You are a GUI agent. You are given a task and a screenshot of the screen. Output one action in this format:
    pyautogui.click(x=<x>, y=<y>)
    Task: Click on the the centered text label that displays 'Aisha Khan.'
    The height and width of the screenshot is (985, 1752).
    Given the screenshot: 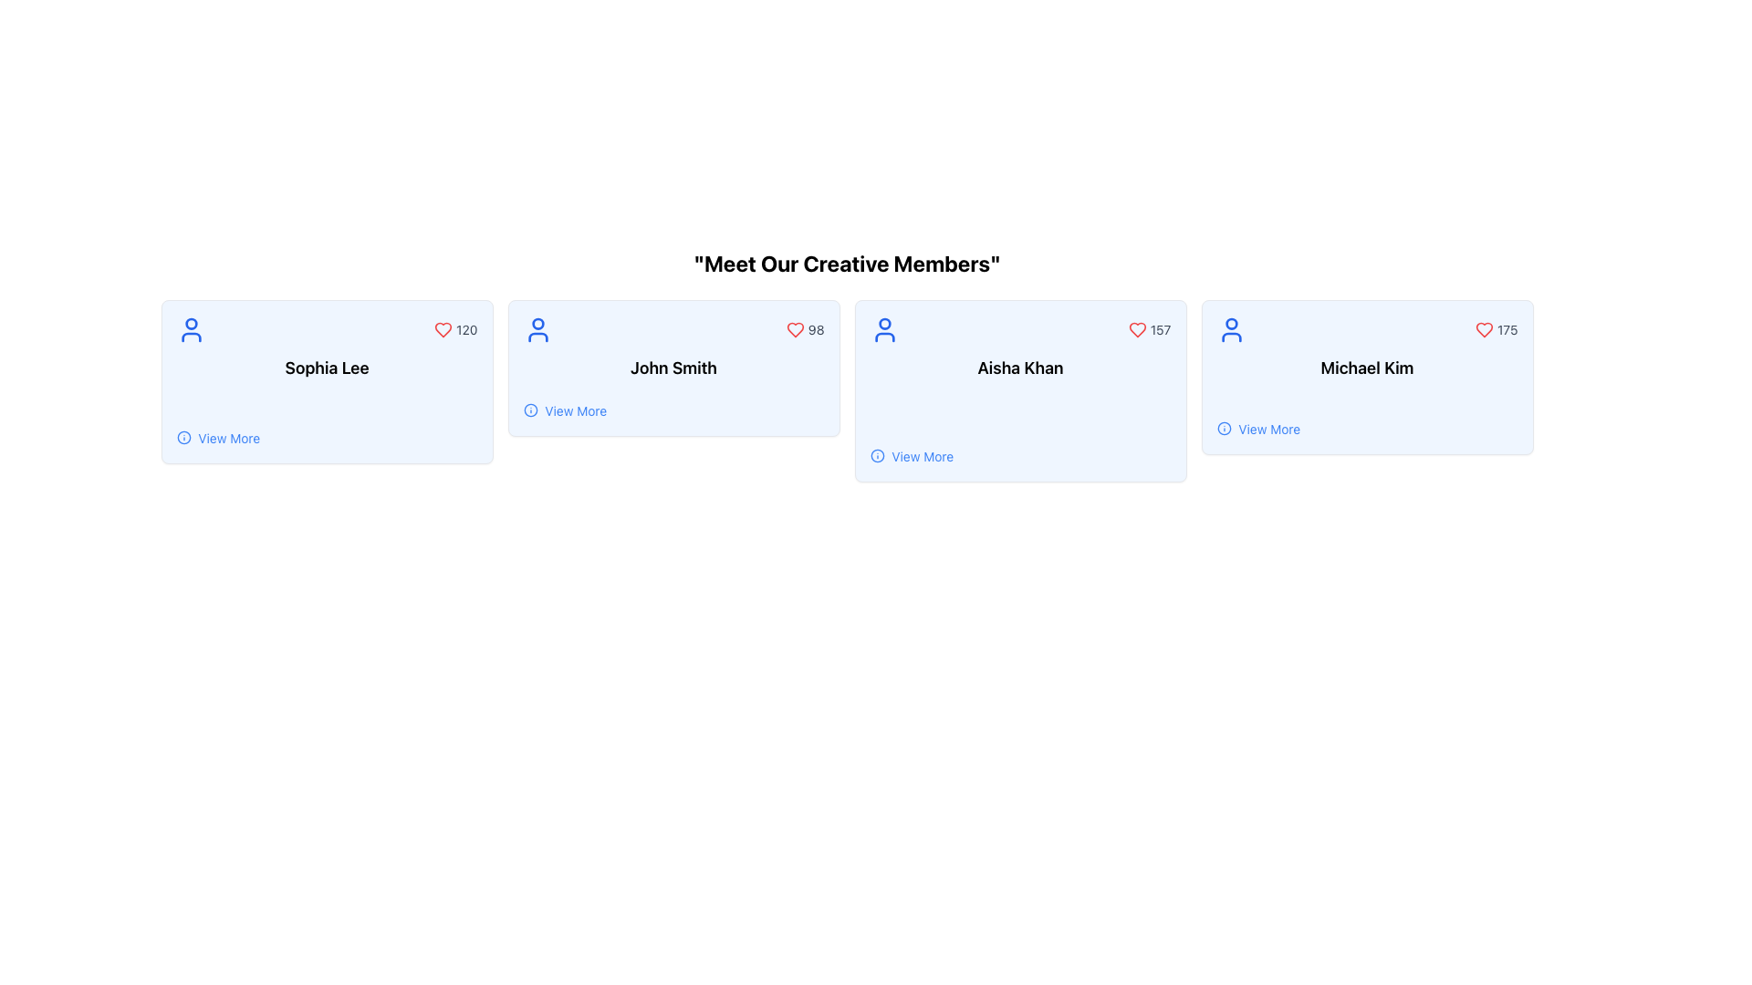 What is the action you would take?
    pyautogui.click(x=1019, y=368)
    